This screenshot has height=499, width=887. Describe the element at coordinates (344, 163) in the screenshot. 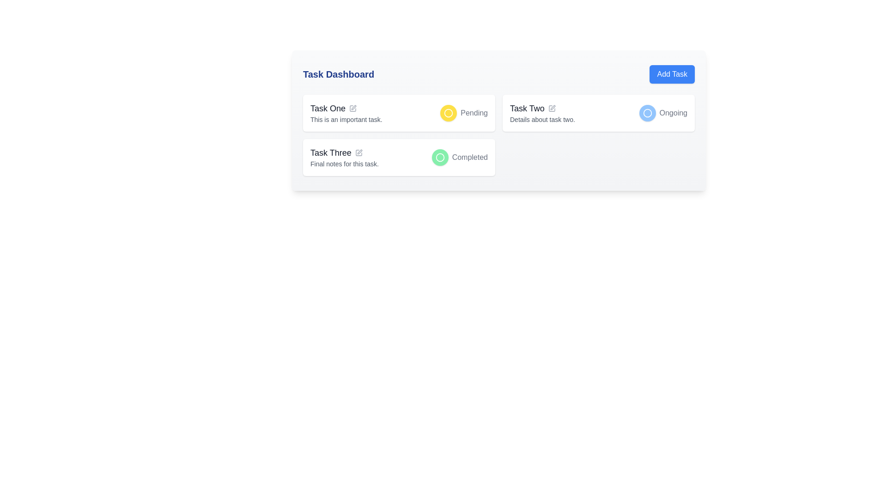

I see `the text component displaying 'Final notes for this task.' located below the 'Task Three' label in the task card` at that location.